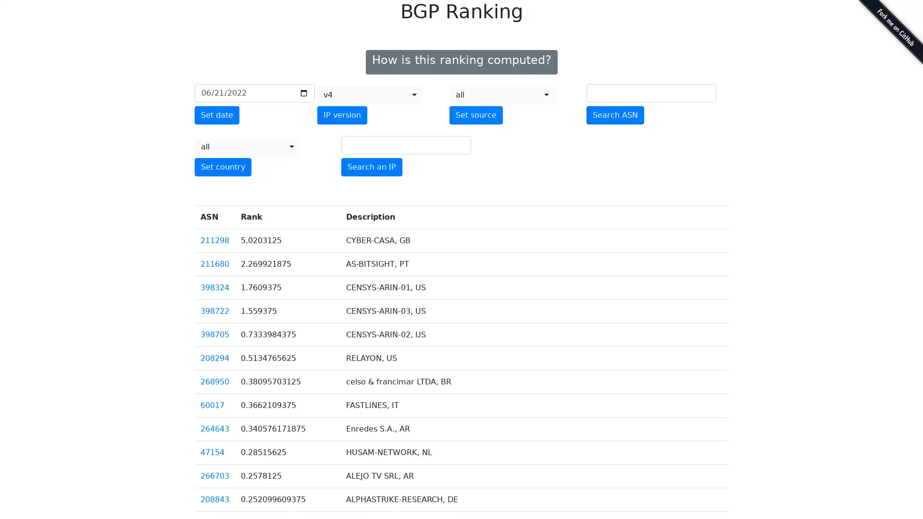  I want to click on Set source, so click(476, 114).